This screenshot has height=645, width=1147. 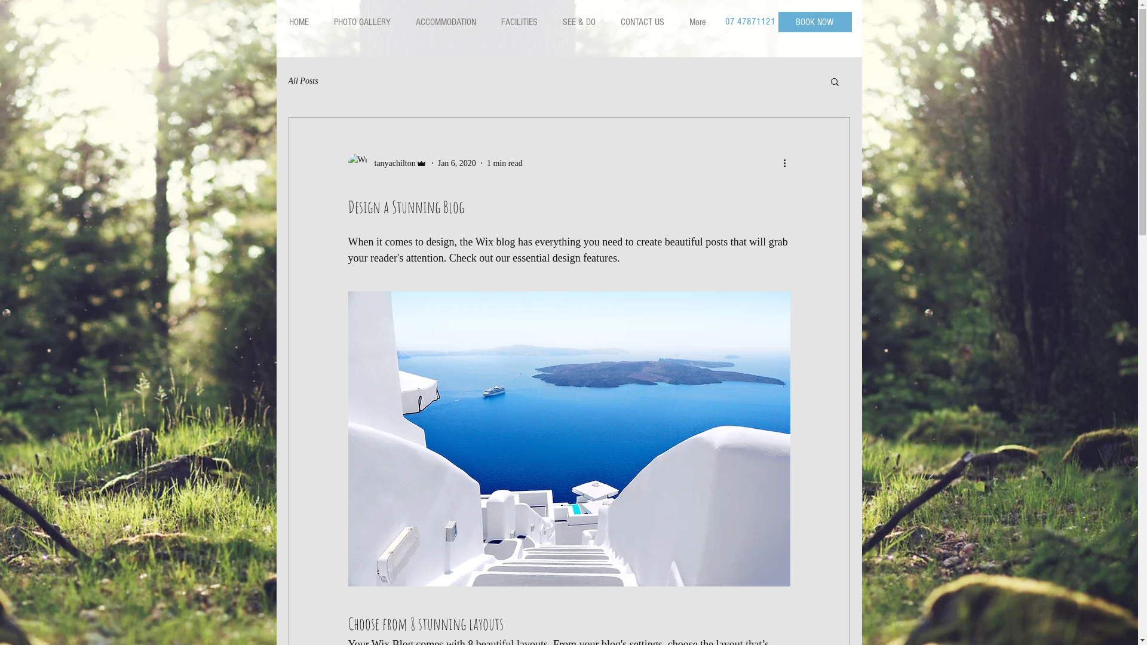 I want to click on 'FACILITIES', so click(x=519, y=22).